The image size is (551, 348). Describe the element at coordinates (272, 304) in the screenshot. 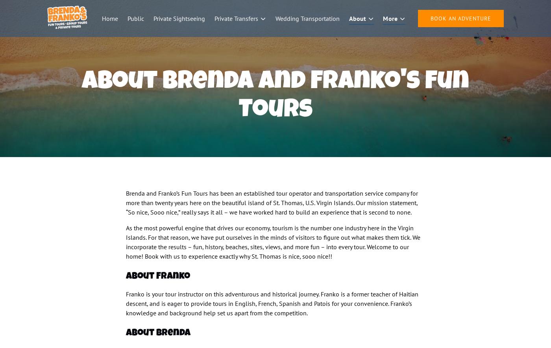

I see `'Franko is your tour instructor on this adventurous and historical journey. Franko is a former teacher of Haitian descent, and is eager to provide tours in English, French, Spanish and Patois for your convenience. Franko’s knowledge and background help set us apart from the competition.'` at that location.